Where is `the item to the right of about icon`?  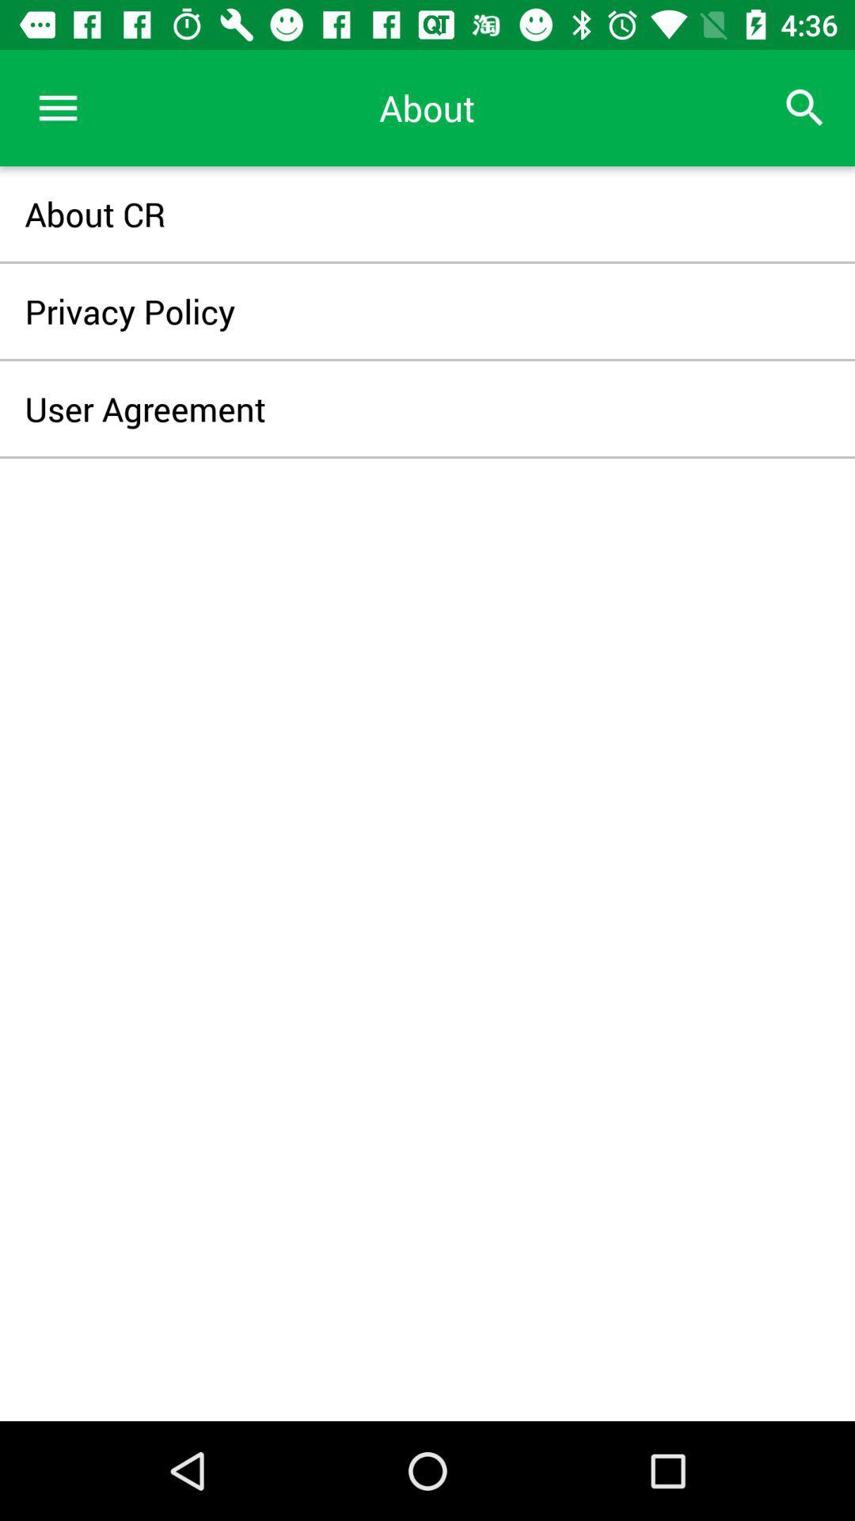
the item to the right of about icon is located at coordinates (805, 107).